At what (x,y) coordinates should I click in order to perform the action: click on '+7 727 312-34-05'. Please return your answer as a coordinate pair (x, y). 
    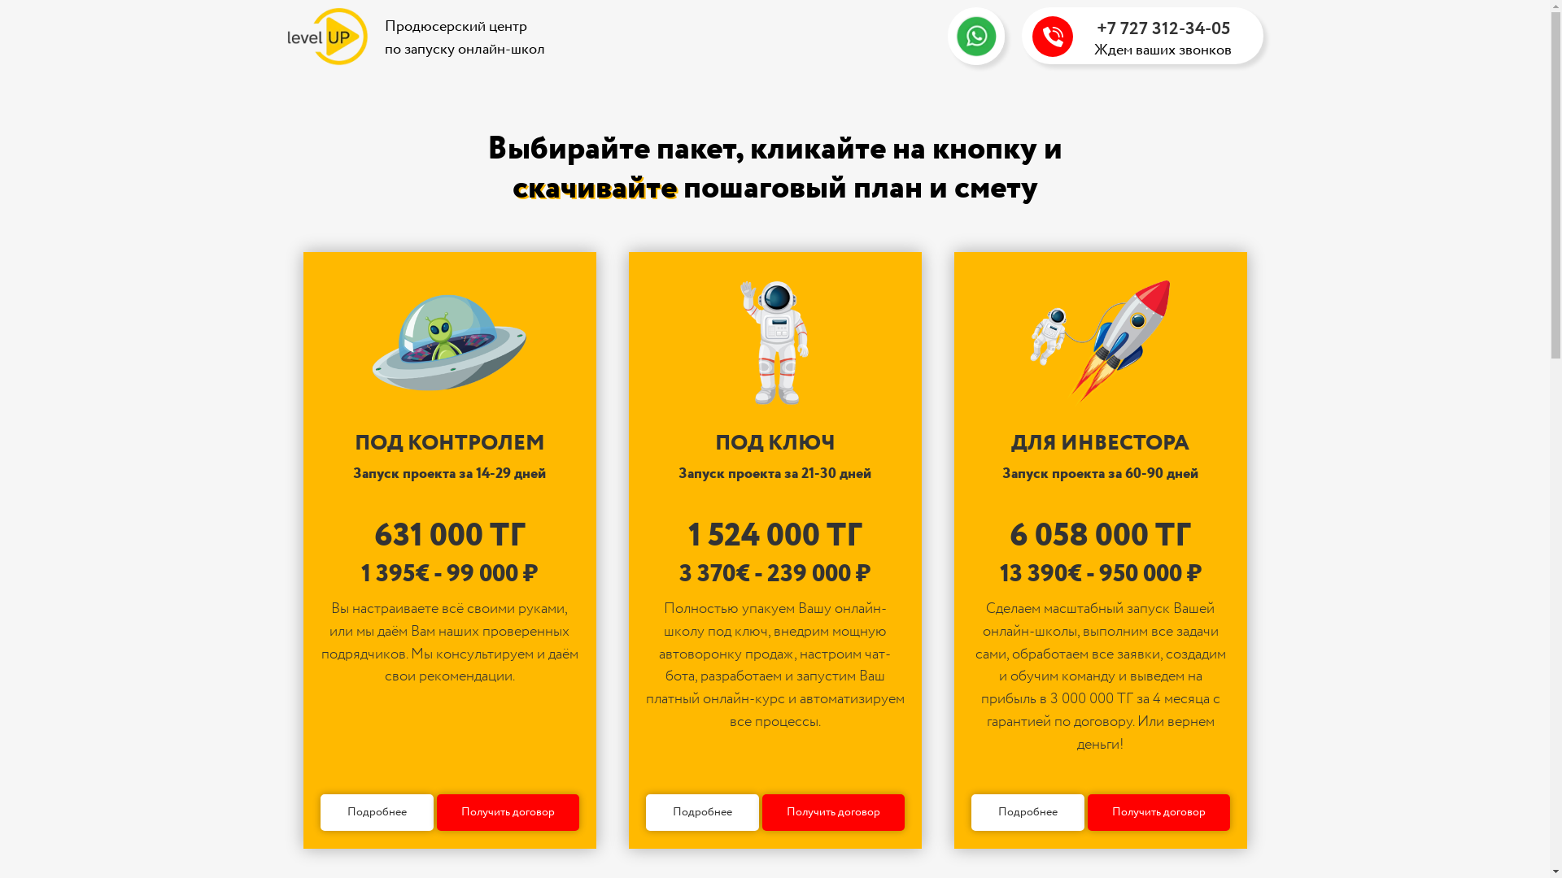
    Looking at the image, I should click on (1097, 28).